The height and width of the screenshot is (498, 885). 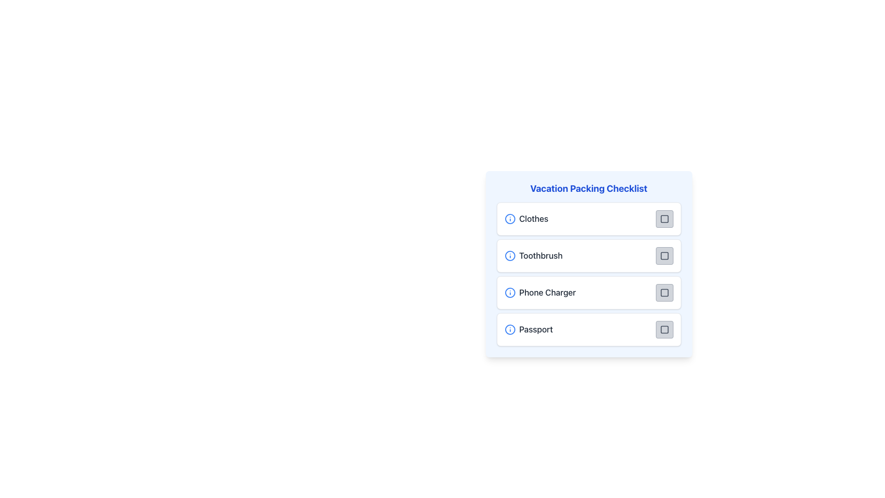 What do you see at coordinates (664, 219) in the screenshot?
I see `the Checkbox icon located to the far right of the 'Clothes' line in the Vacation Packing Checklist` at bounding box center [664, 219].